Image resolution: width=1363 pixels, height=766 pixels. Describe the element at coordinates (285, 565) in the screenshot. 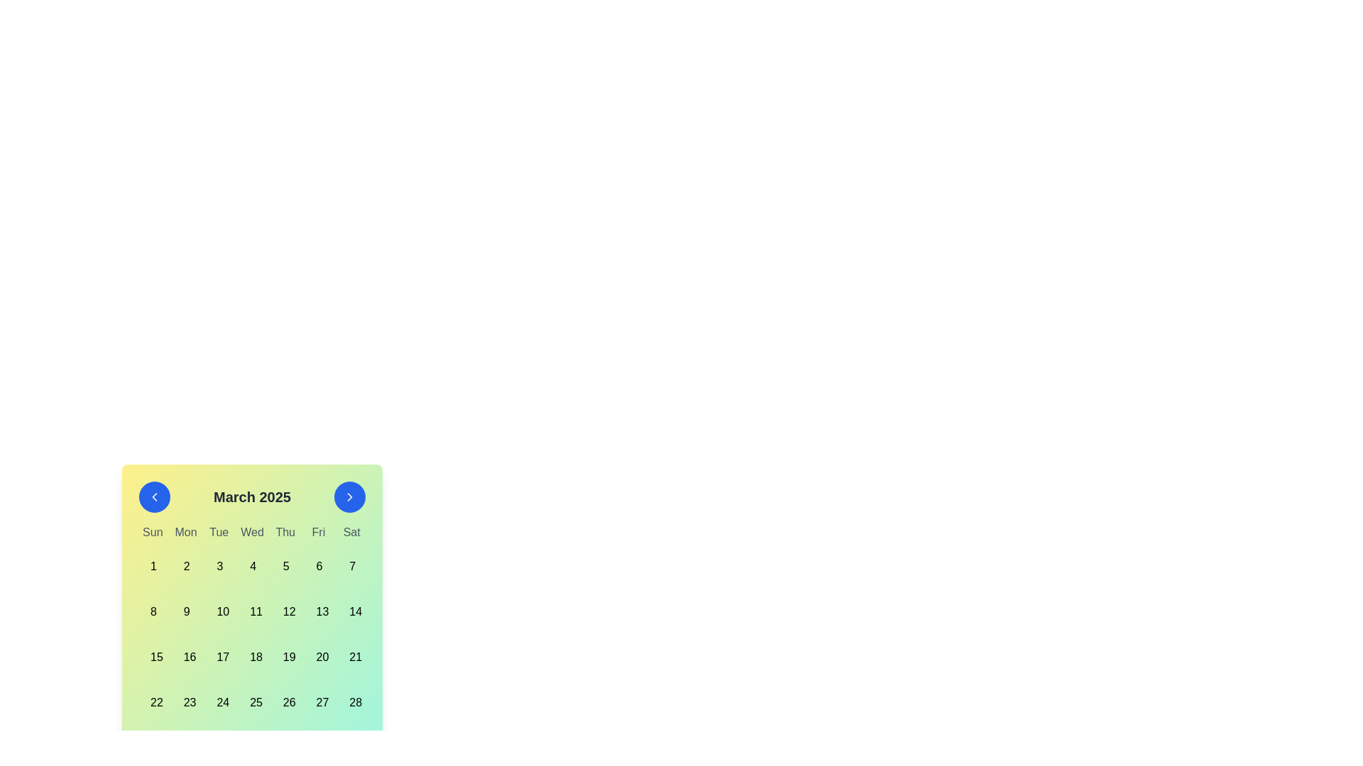

I see `the calendar day cell representing the fifth day of the month located in the first row and fifth column of the calendar grid under 'Thu'` at that location.